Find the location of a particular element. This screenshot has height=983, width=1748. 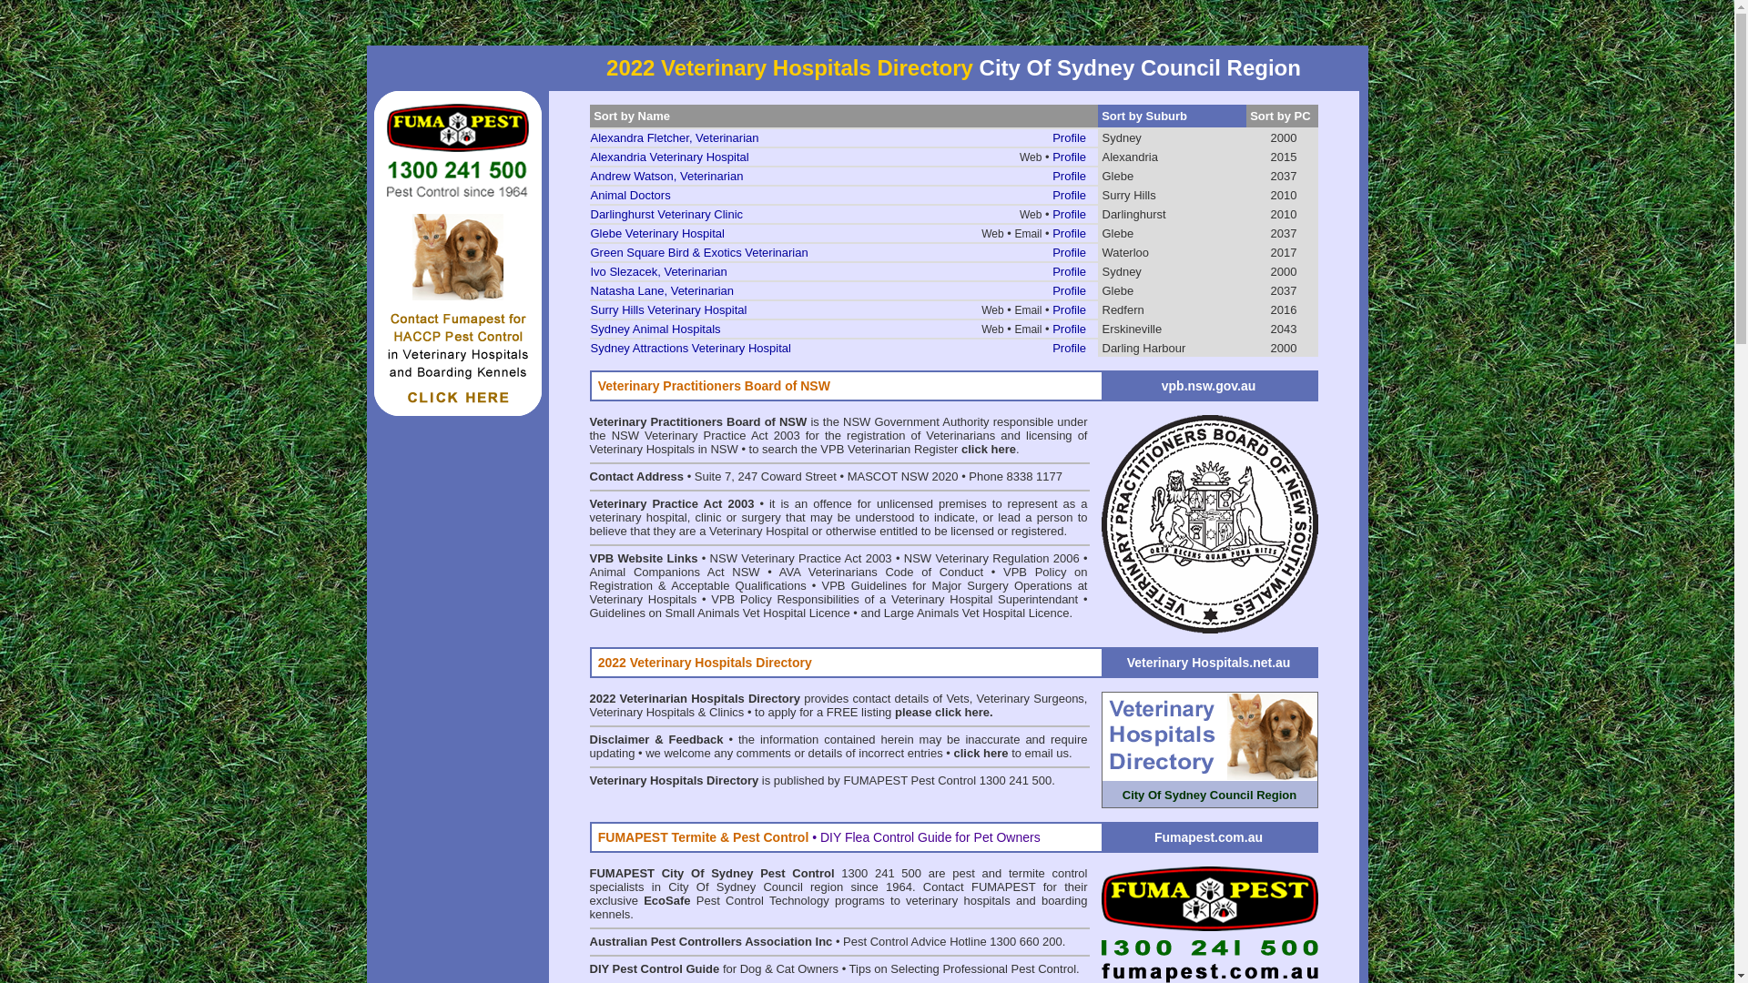

'NSW Veterinary Regulation 2006' is located at coordinates (991, 557).